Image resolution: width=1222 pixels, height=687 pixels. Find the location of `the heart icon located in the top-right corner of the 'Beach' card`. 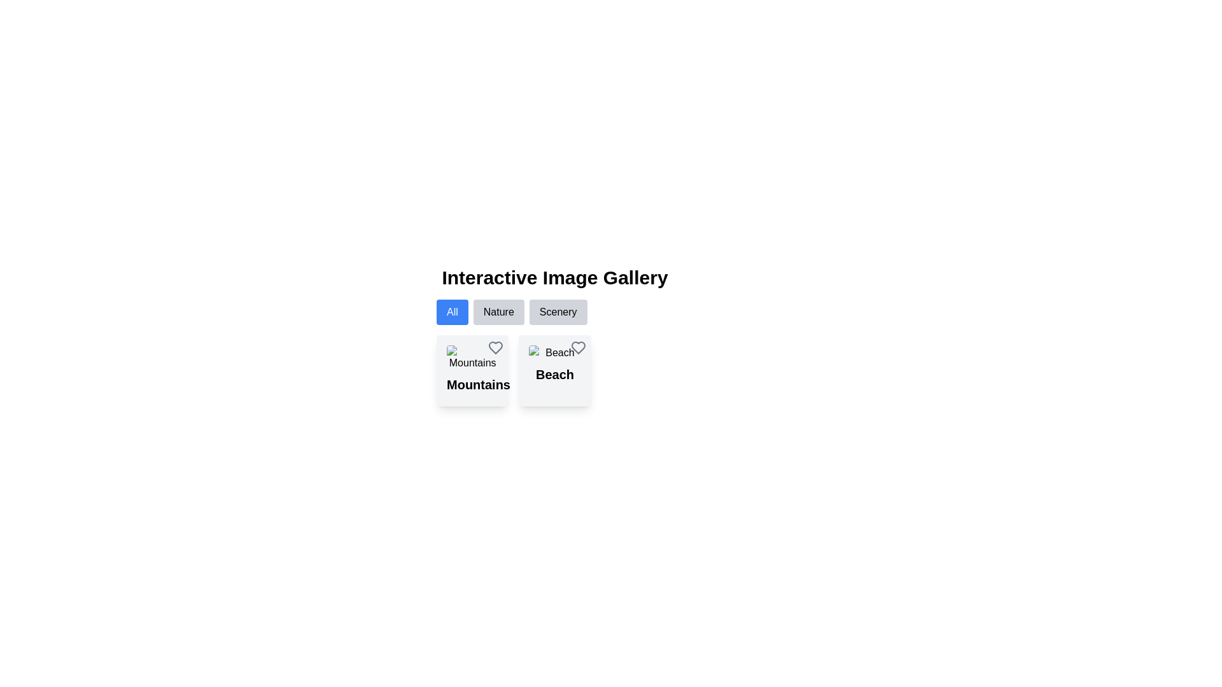

the heart icon located in the top-right corner of the 'Beach' card is located at coordinates (495, 348).